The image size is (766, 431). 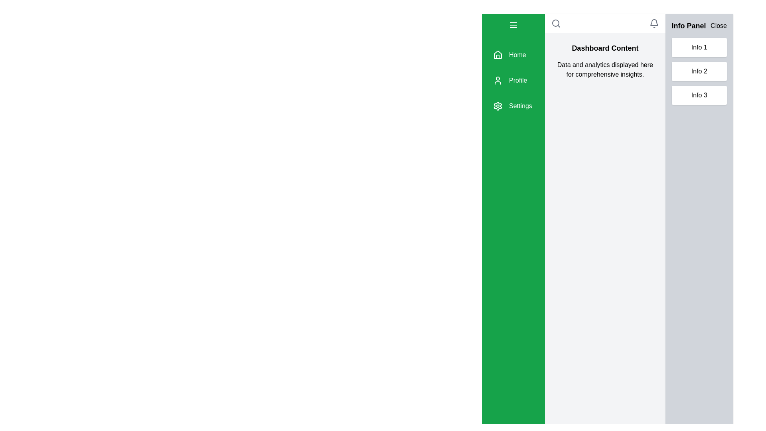 I want to click on the first menu item in the vertical stack of navigational options, so click(x=513, y=55).